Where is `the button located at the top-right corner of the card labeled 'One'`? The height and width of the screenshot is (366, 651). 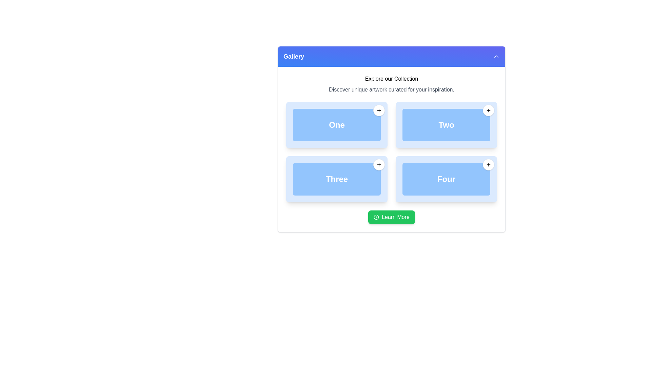
the button located at the top-right corner of the card labeled 'One' is located at coordinates (379, 110).